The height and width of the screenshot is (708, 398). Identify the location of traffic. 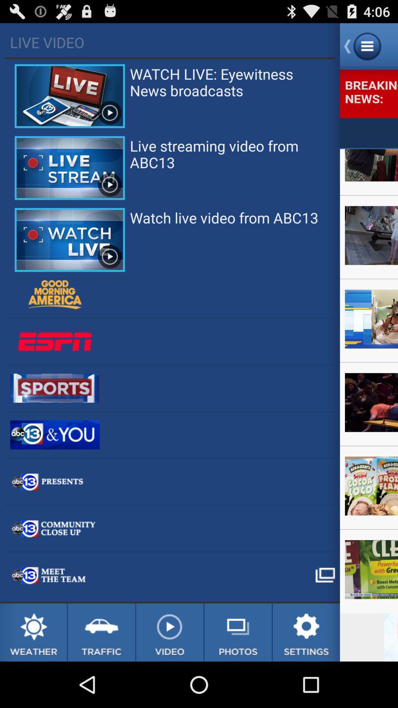
(101, 632).